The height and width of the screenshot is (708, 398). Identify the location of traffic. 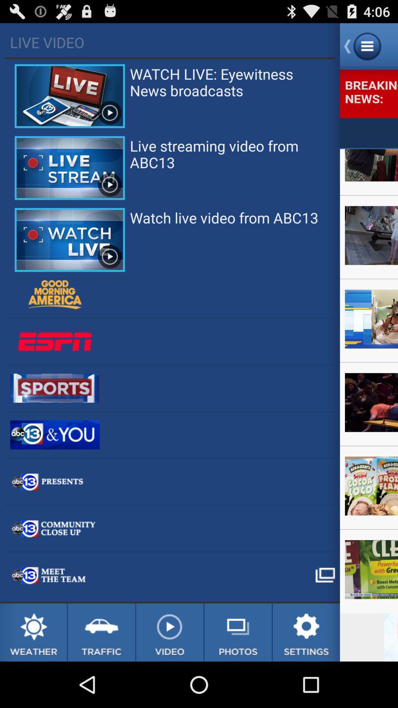
(101, 632).